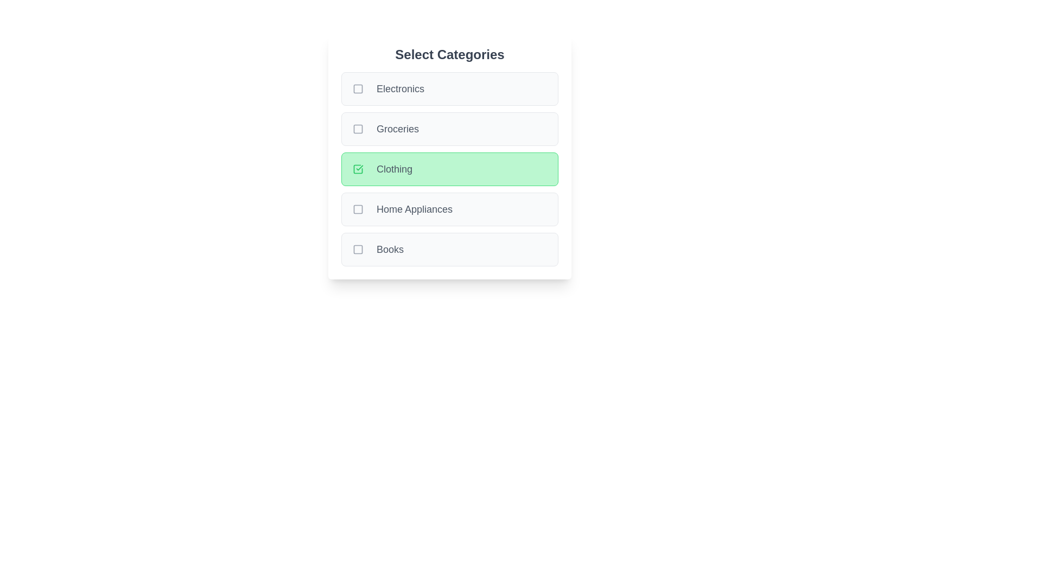  What do you see at coordinates (358, 169) in the screenshot?
I see `the checkbox for Clothing` at bounding box center [358, 169].